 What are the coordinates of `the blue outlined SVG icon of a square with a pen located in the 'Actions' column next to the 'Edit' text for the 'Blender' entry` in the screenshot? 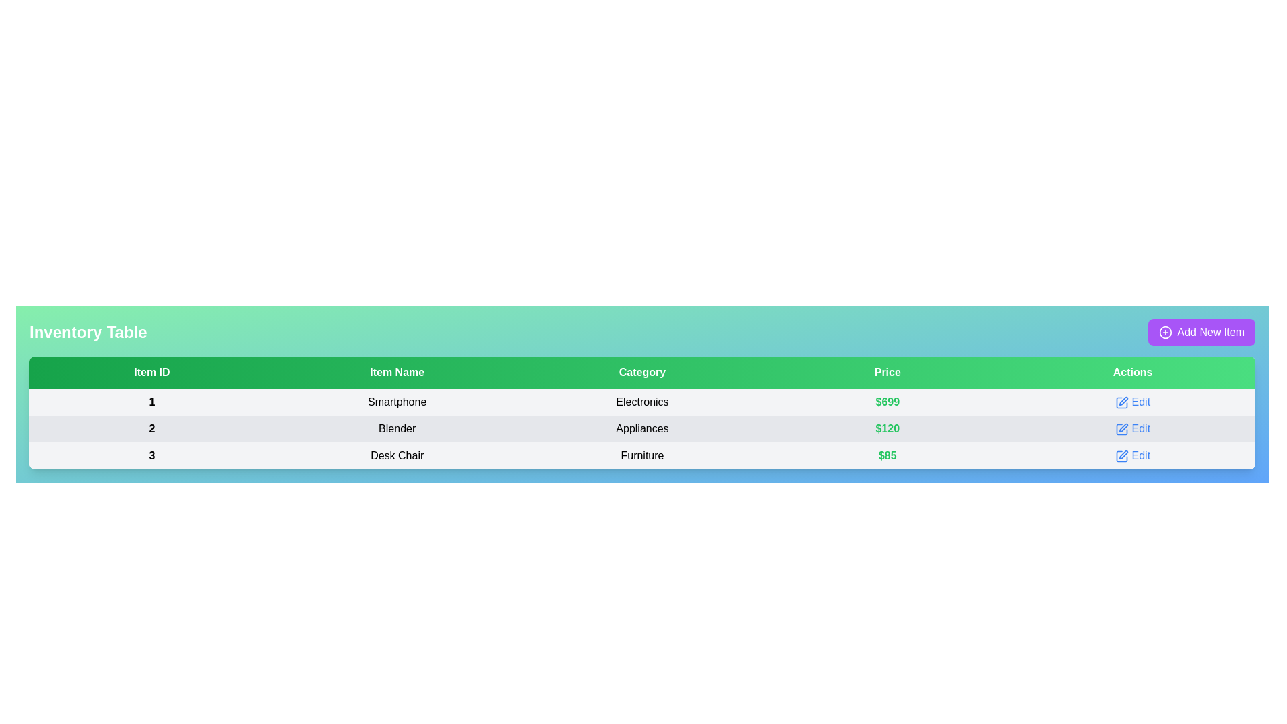 It's located at (1122, 429).